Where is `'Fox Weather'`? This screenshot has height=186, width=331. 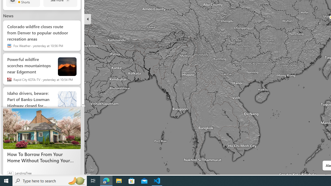 'Fox Weather' is located at coordinates (9, 45).